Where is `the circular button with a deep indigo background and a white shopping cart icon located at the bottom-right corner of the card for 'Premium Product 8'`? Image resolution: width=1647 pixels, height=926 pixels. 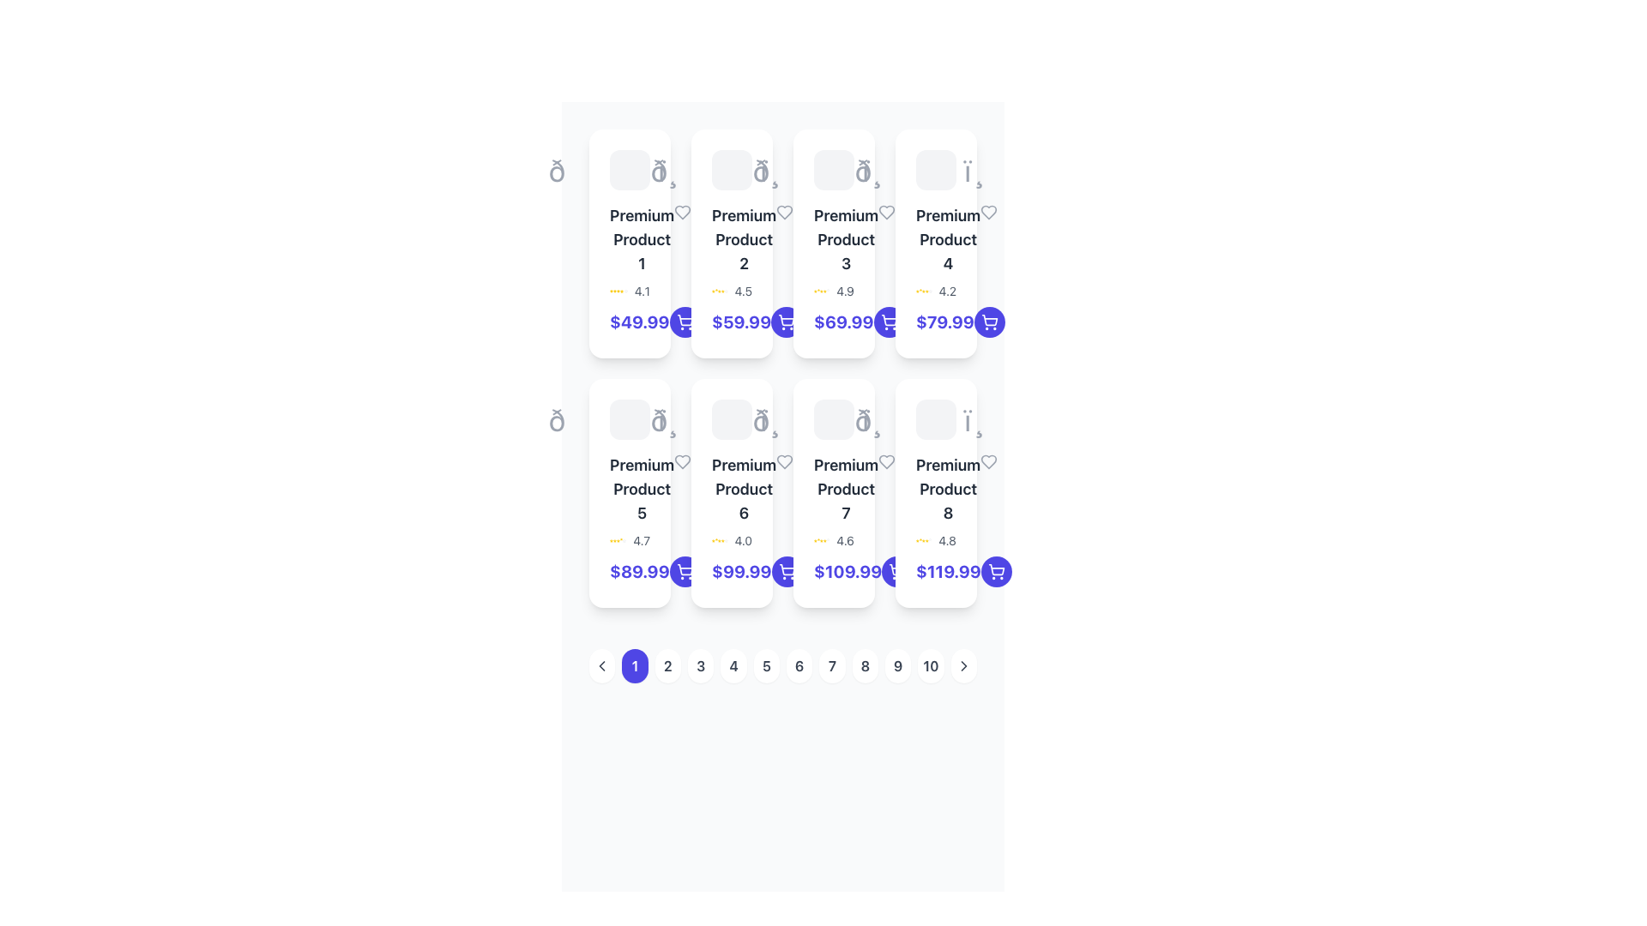 the circular button with a deep indigo background and a white shopping cart icon located at the bottom-right corner of the card for 'Premium Product 8' is located at coordinates (996, 572).